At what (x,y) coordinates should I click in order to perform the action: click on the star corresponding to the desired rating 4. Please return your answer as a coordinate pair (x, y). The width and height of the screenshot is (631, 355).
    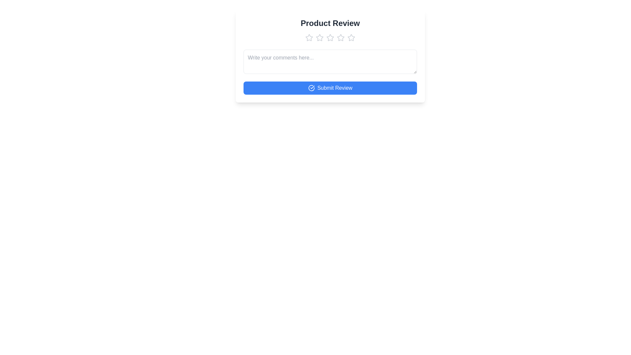
    Looking at the image, I should click on (340, 38).